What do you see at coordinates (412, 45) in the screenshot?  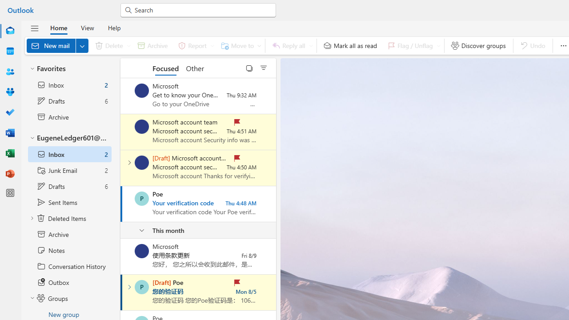 I see `'Flag / Unflag'` at bounding box center [412, 45].